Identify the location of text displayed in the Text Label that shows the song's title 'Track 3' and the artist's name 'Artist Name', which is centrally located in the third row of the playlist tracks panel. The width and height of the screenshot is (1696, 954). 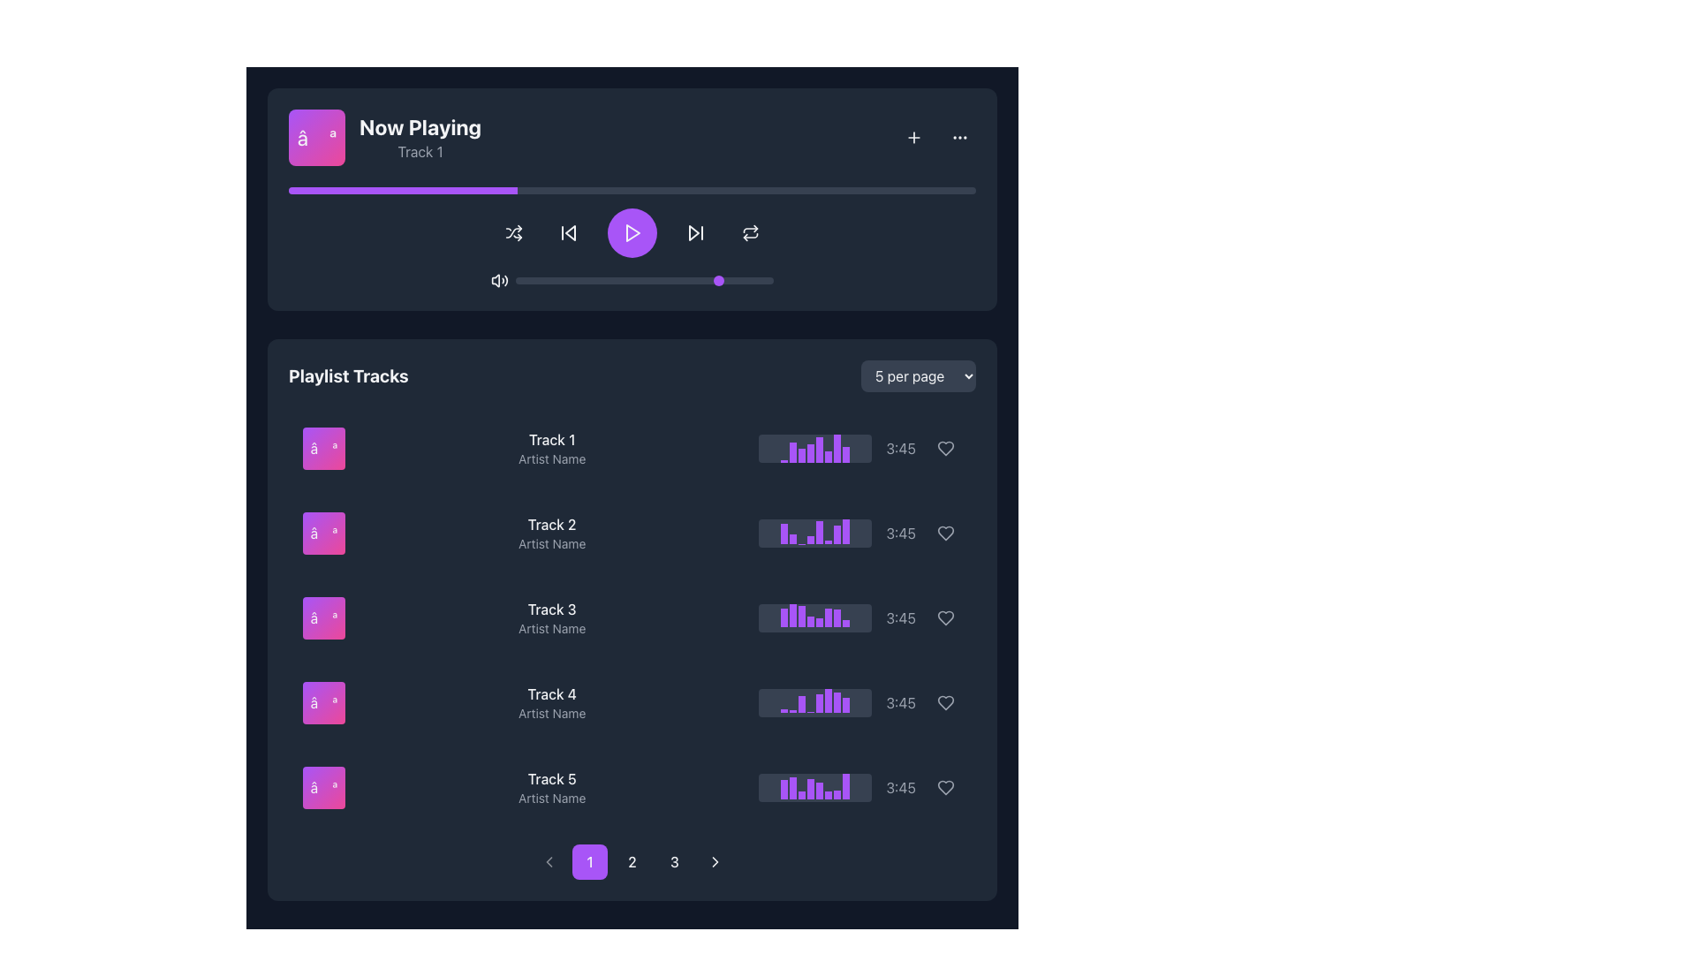
(551, 617).